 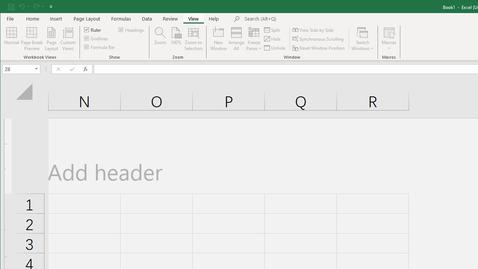 I want to click on 'Reset Window Position', so click(x=319, y=48).